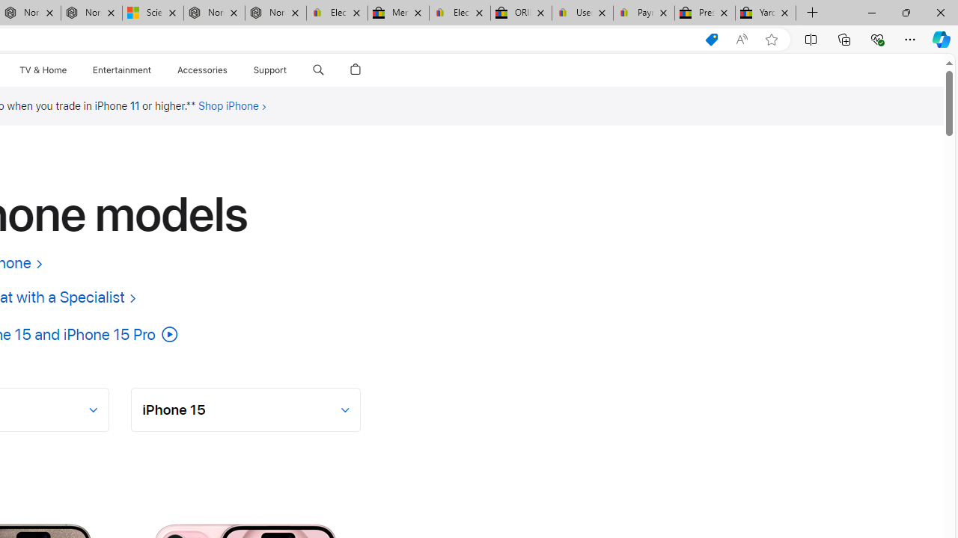 The height and width of the screenshot is (538, 958). Describe the element at coordinates (190, 105) in the screenshot. I see `'Footnote ** symbol'` at that location.